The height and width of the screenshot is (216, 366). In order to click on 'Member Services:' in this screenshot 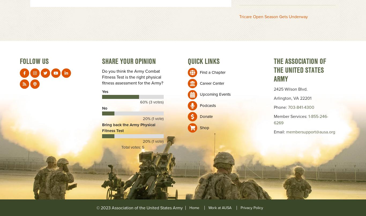, I will do `click(273, 116)`.